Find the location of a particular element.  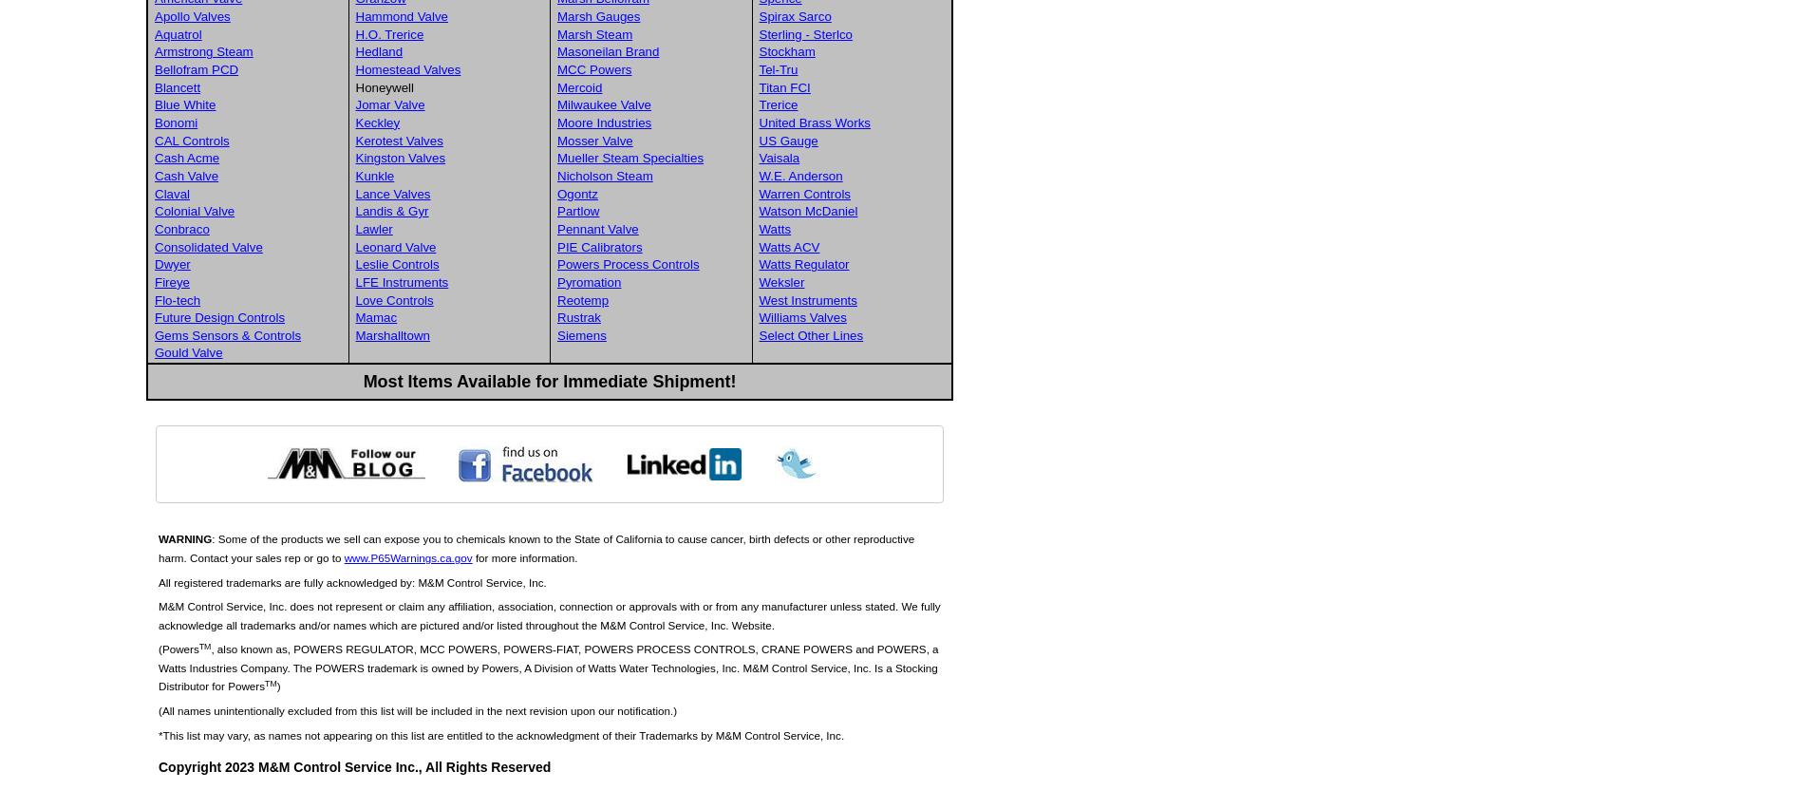

'Armstrong Steam' is located at coordinates (203, 50).